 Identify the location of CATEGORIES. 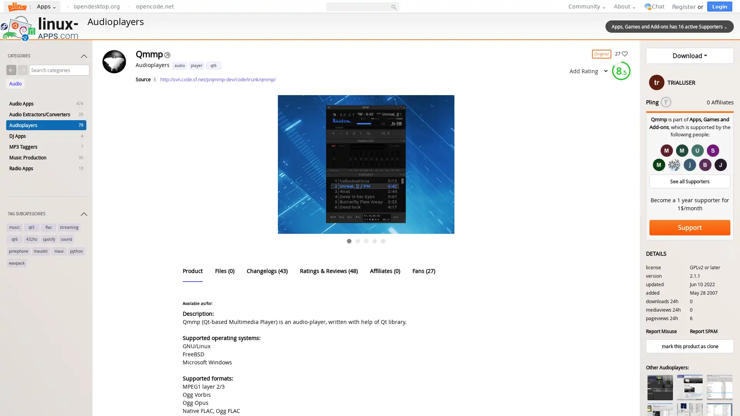
(47, 57).